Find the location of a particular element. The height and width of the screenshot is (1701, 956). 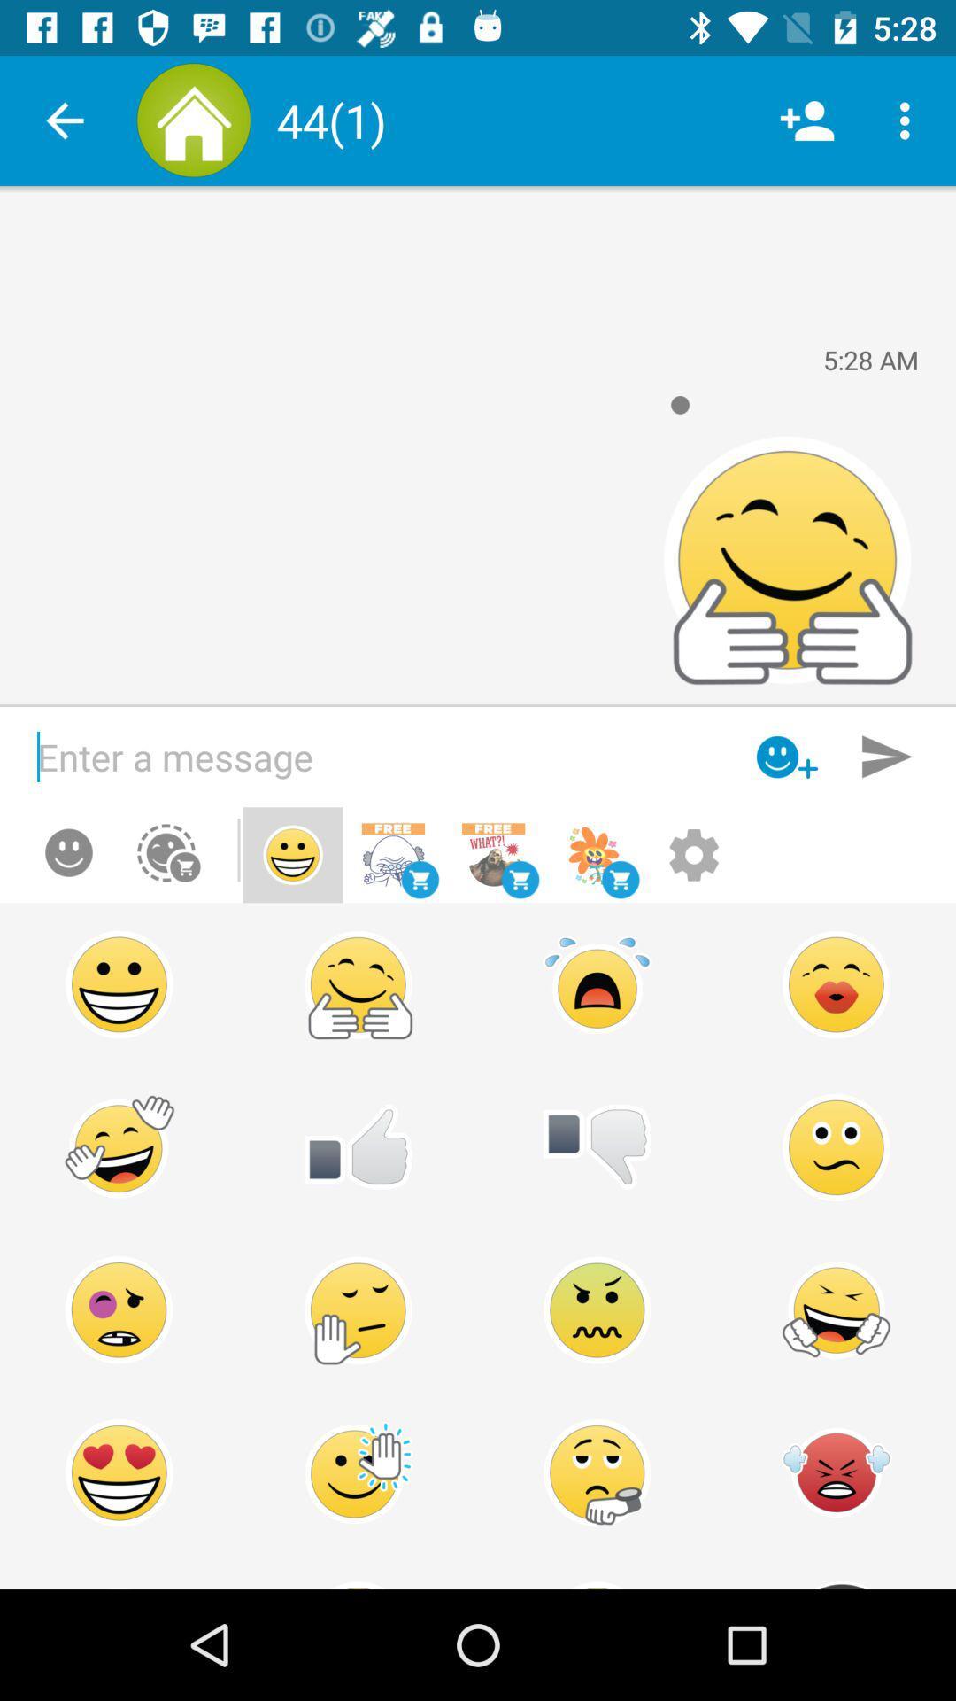

the item next to the (1) is located at coordinates (806, 120).